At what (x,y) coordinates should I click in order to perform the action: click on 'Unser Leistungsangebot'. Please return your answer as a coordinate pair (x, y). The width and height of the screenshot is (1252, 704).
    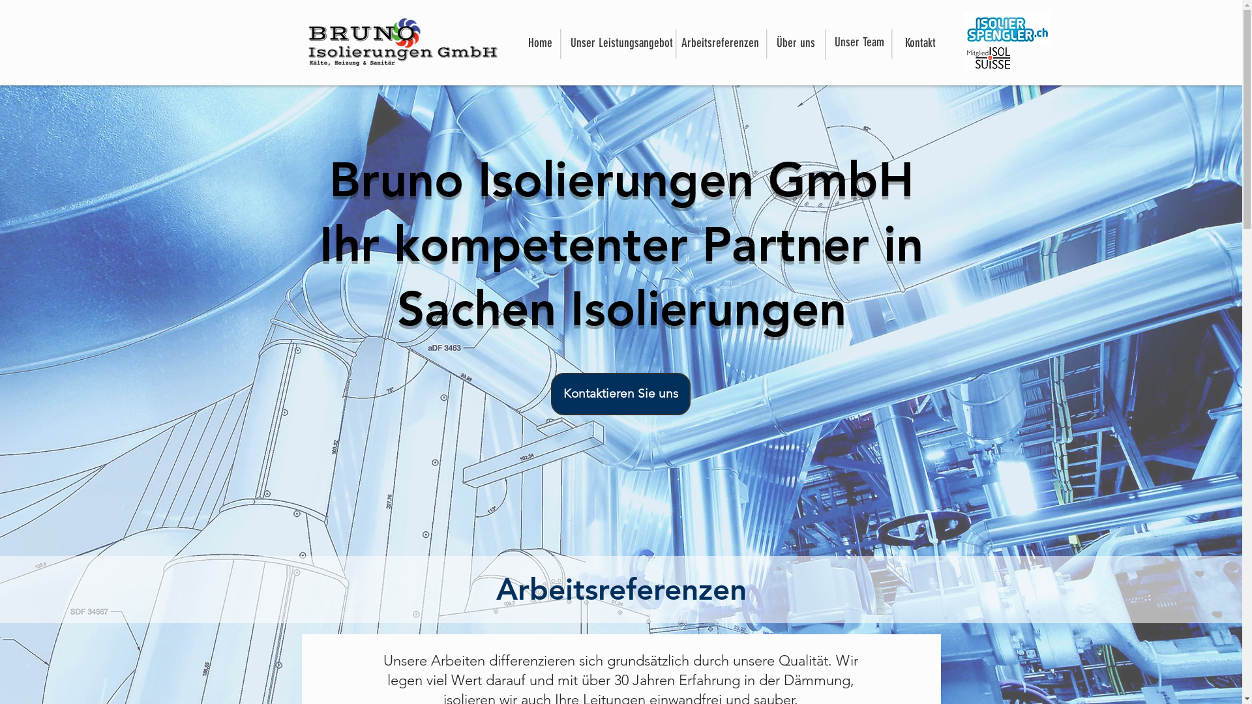
    Looking at the image, I should click on (620, 42).